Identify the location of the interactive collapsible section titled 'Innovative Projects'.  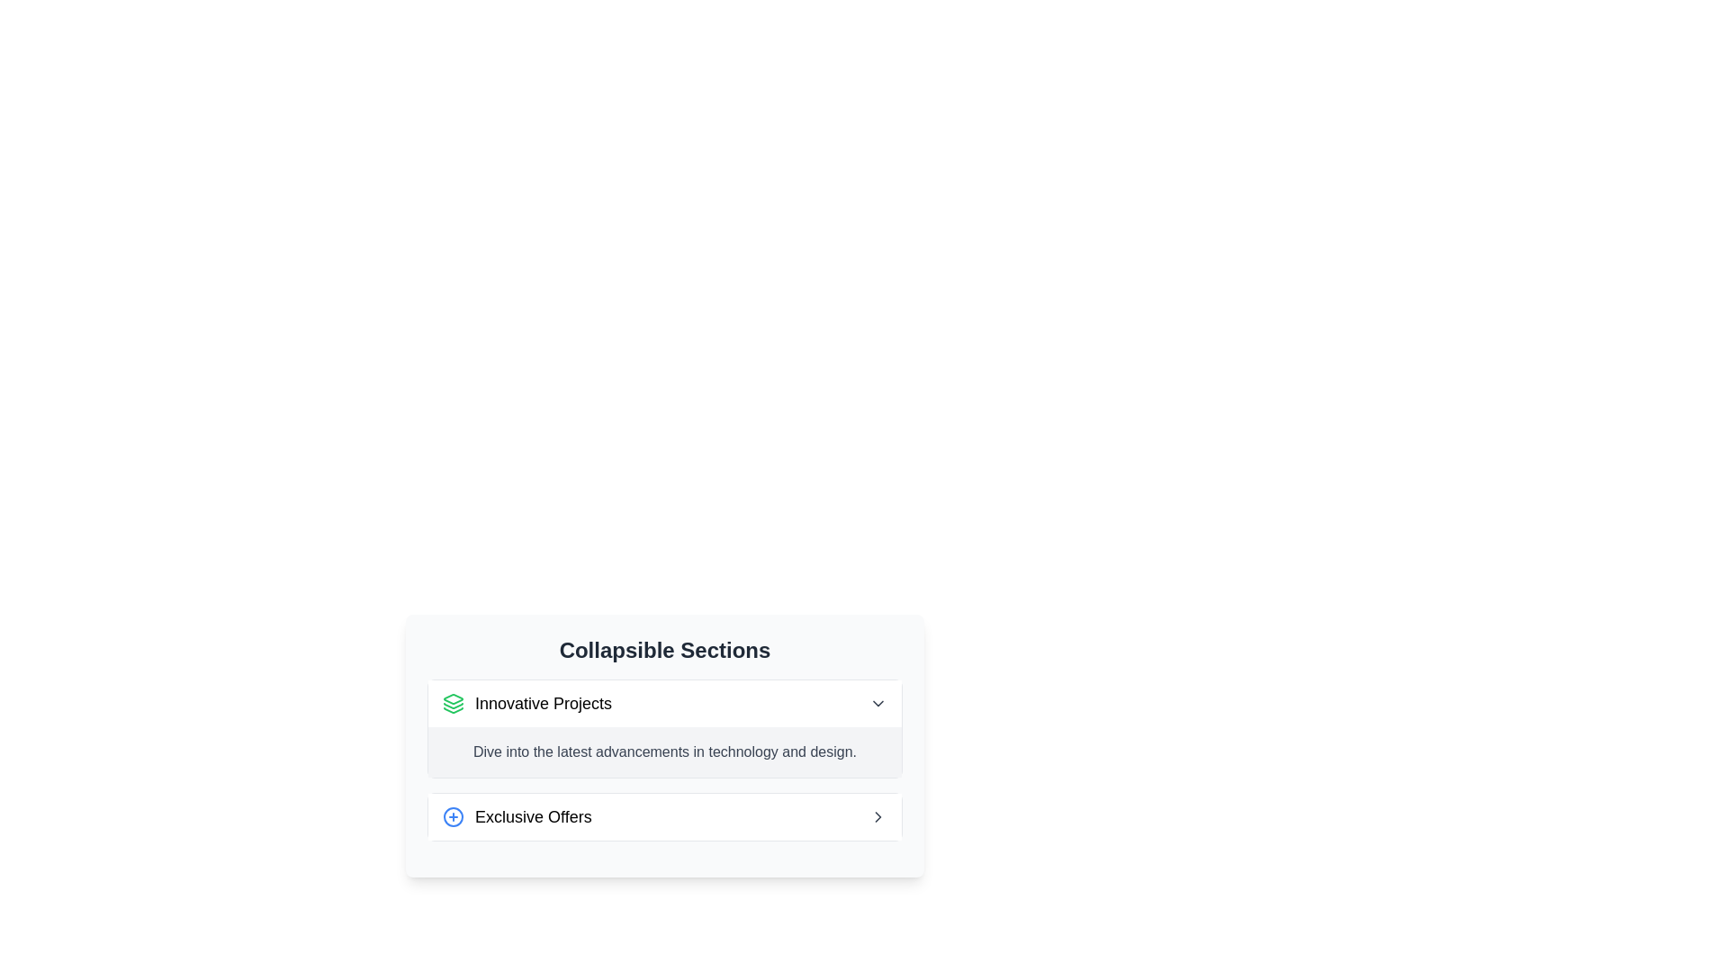
(664, 746).